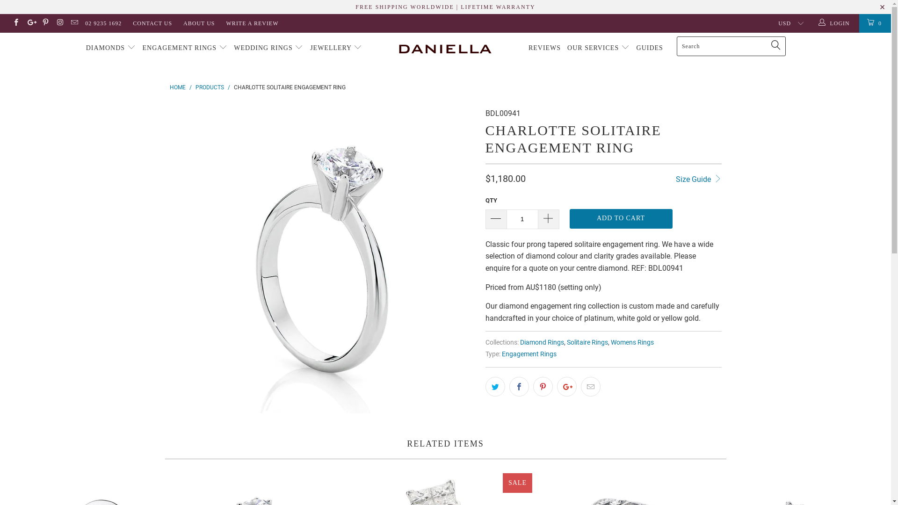 This screenshot has width=898, height=505. Describe the element at coordinates (565, 386) in the screenshot. I see `'Share this on Google+'` at that location.